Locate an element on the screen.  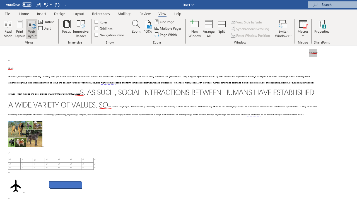
'Gridlines' is located at coordinates (104, 28).